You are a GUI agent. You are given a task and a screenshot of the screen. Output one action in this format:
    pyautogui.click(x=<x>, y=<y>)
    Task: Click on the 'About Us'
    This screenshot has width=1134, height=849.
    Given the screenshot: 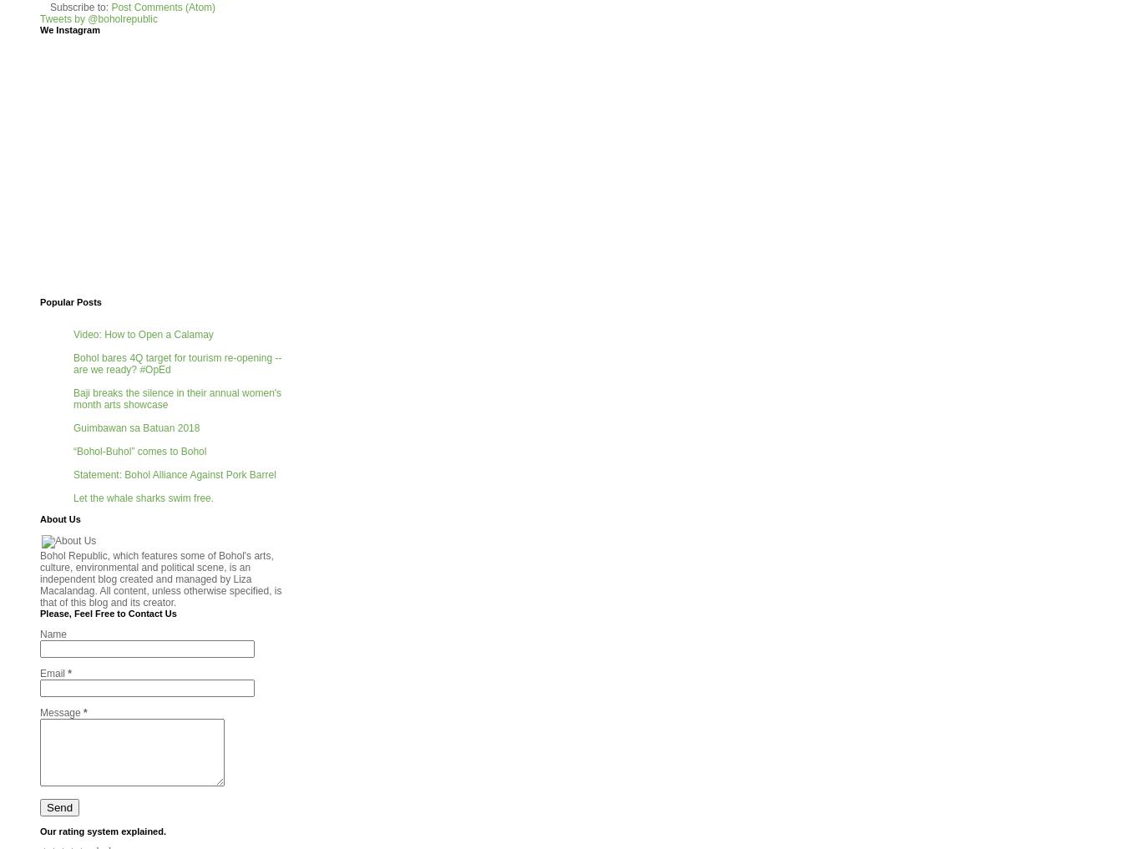 What is the action you would take?
    pyautogui.click(x=59, y=518)
    